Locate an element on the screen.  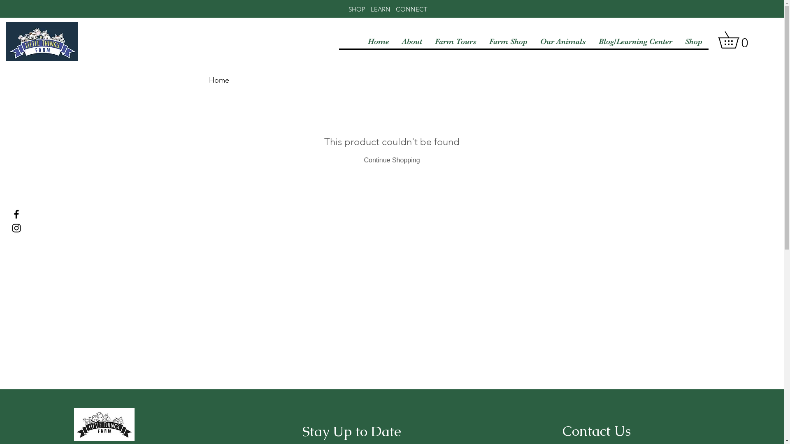
'Shop' is located at coordinates (693, 41).